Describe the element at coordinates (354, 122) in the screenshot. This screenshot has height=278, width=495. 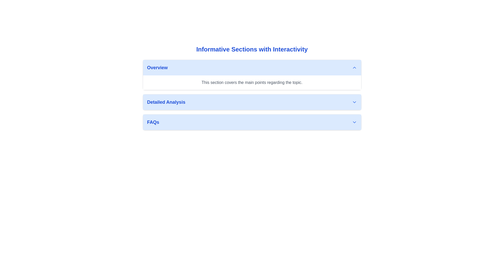
I see `the downward-pointing chevron icon located at the far right end of the 'FAQs' section header for tooltip or visual highlighting` at that location.